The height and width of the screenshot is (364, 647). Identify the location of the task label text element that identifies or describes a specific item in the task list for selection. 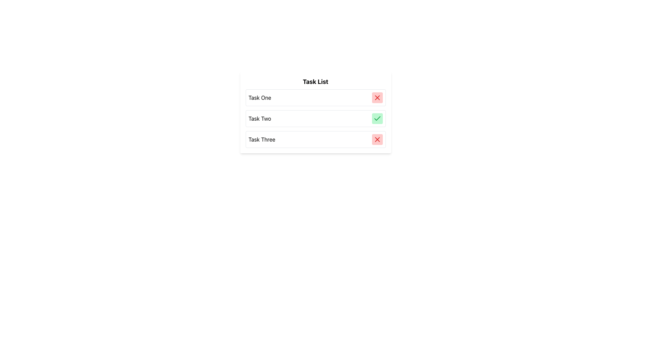
(259, 97).